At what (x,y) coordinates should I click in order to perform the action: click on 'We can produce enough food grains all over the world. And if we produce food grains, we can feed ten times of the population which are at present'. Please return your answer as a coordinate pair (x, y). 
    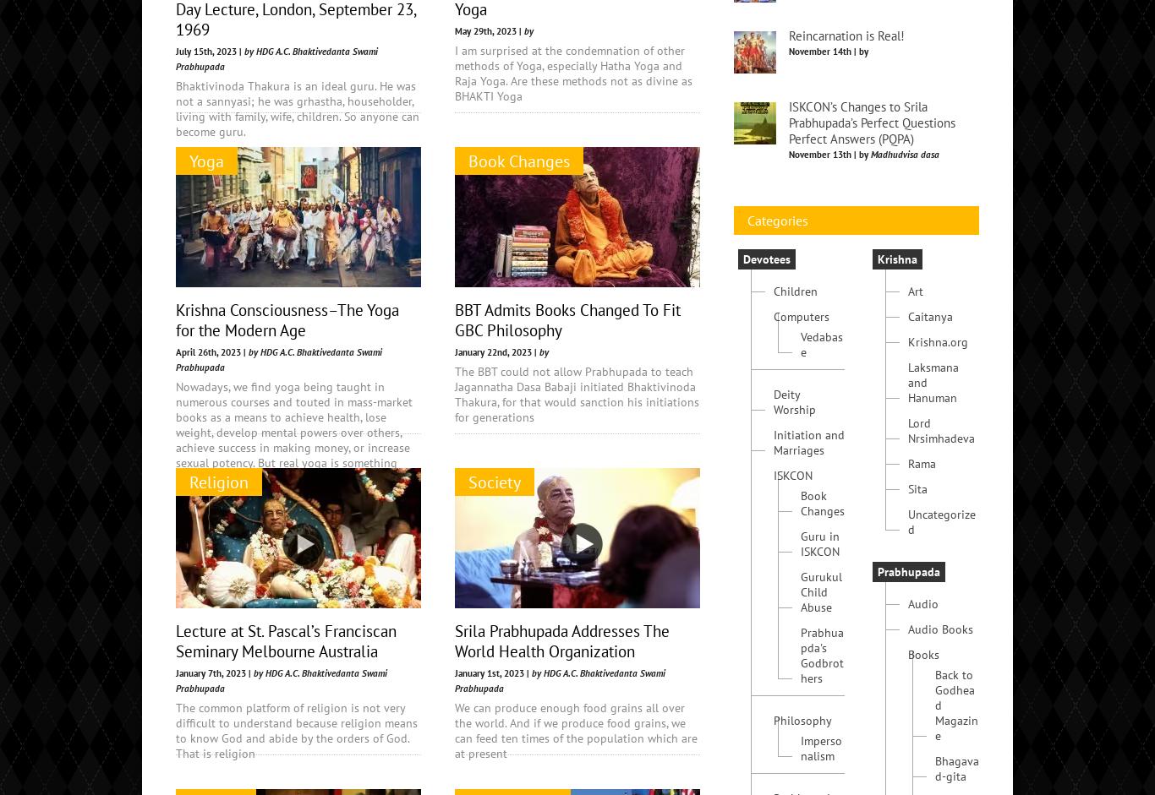
    Looking at the image, I should click on (575, 730).